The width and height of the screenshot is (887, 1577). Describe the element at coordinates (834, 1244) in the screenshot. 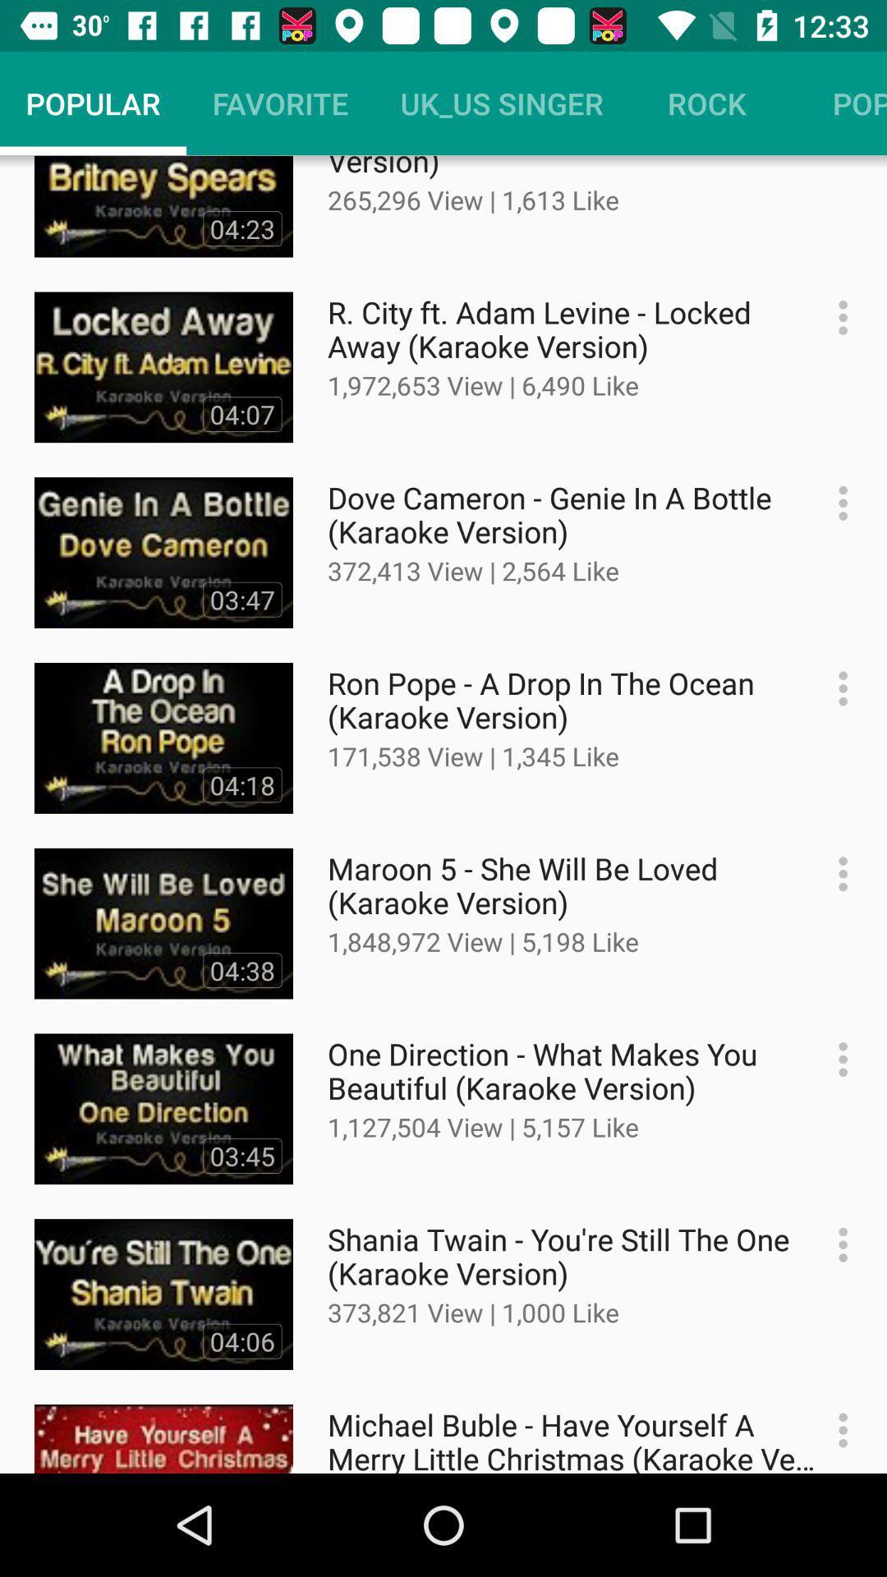

I see `song menu` at that location.